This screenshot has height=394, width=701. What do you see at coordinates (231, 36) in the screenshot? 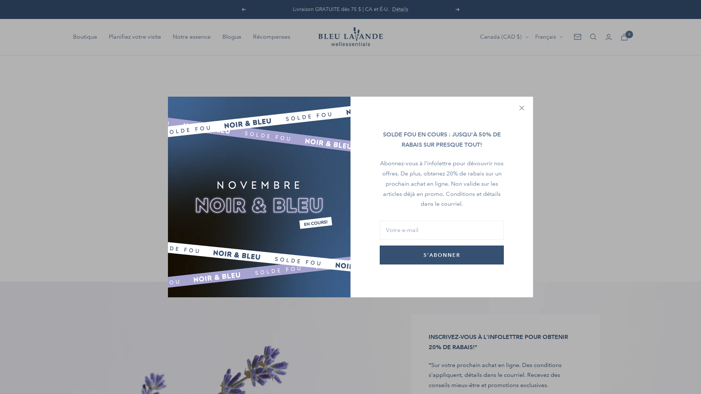
I see `'Blogue'` at bounding box center [231, 36].